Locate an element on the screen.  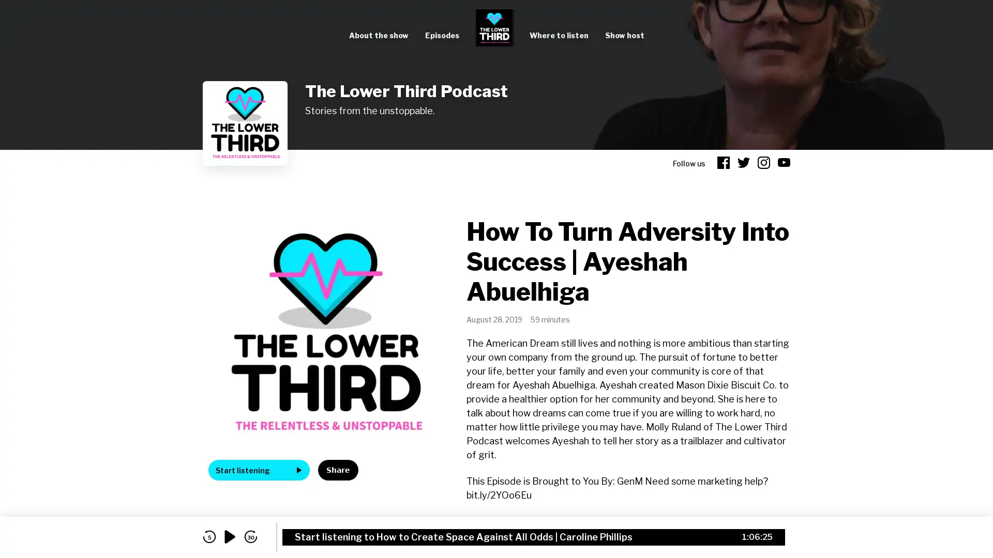
skip back 5 seconds is located at coordinates (208, 536).